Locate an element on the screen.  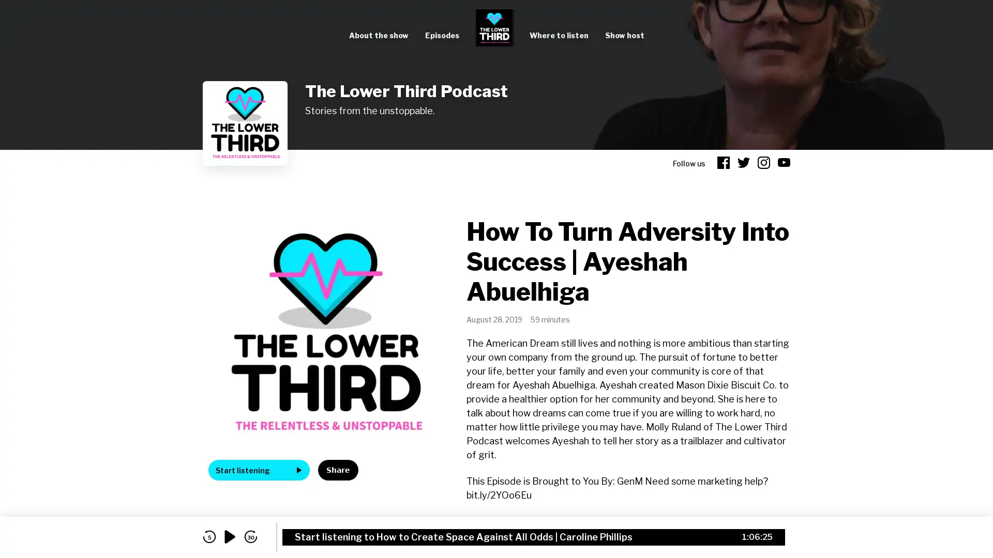
skip back 5 seconds is located at coordinates (208, 536).